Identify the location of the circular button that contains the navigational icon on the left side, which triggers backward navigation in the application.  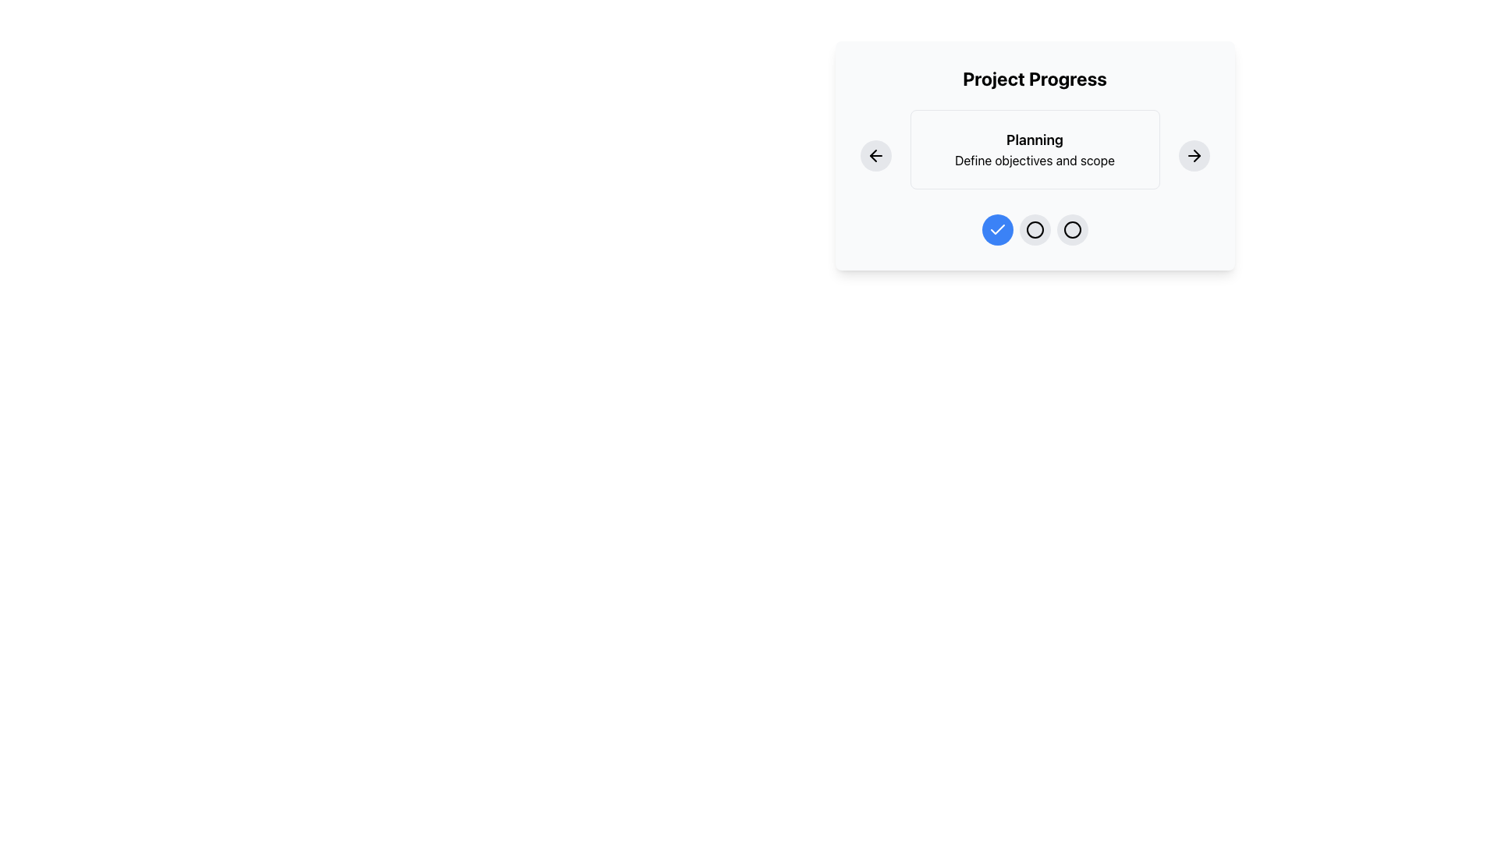
(875, 156).